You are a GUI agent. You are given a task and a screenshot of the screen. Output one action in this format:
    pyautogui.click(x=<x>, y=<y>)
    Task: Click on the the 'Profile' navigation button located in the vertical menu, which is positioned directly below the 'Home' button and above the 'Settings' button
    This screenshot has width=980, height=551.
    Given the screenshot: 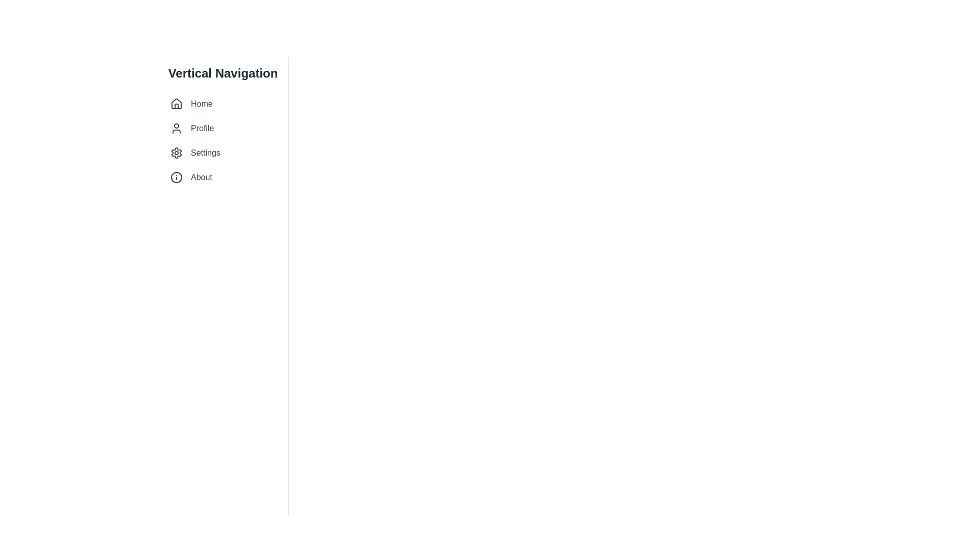 What is the action you would take?
    pyautogui.click(x=222, y=128)
    